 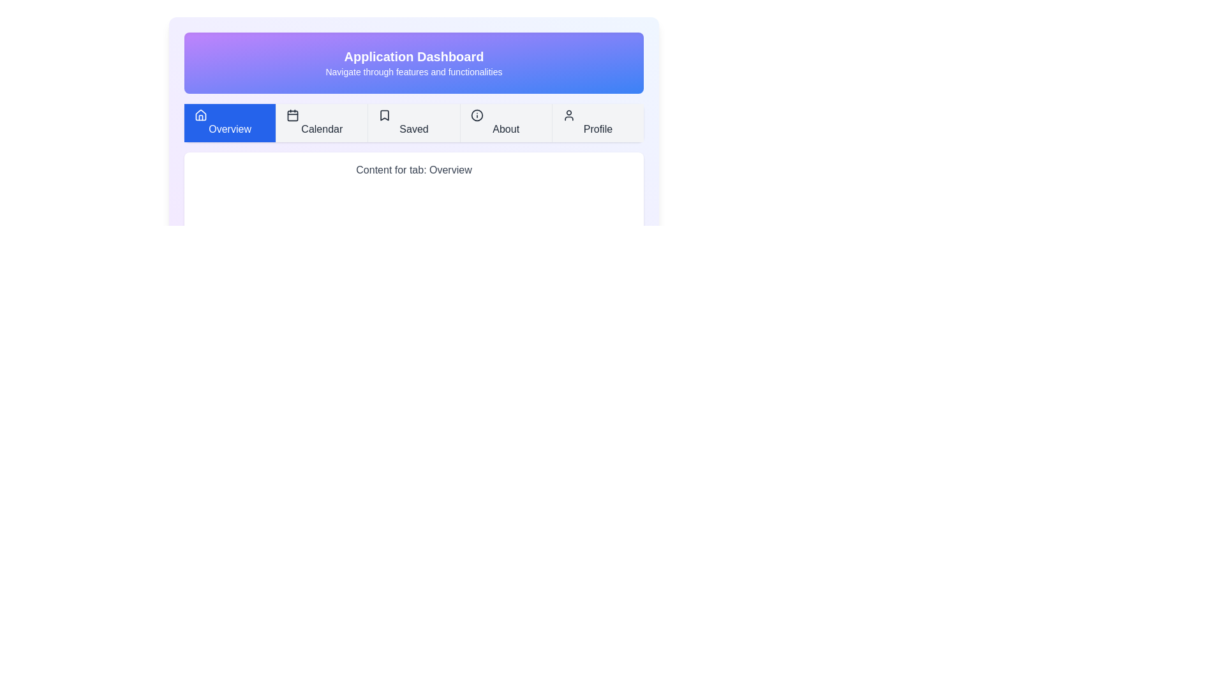 What do you see at coordinates (230, 122) in the screenshot?
I see `the 'Overview' tab in the navigation menu, which is styled with a blue background and white text` at bounding box center [230, 122].